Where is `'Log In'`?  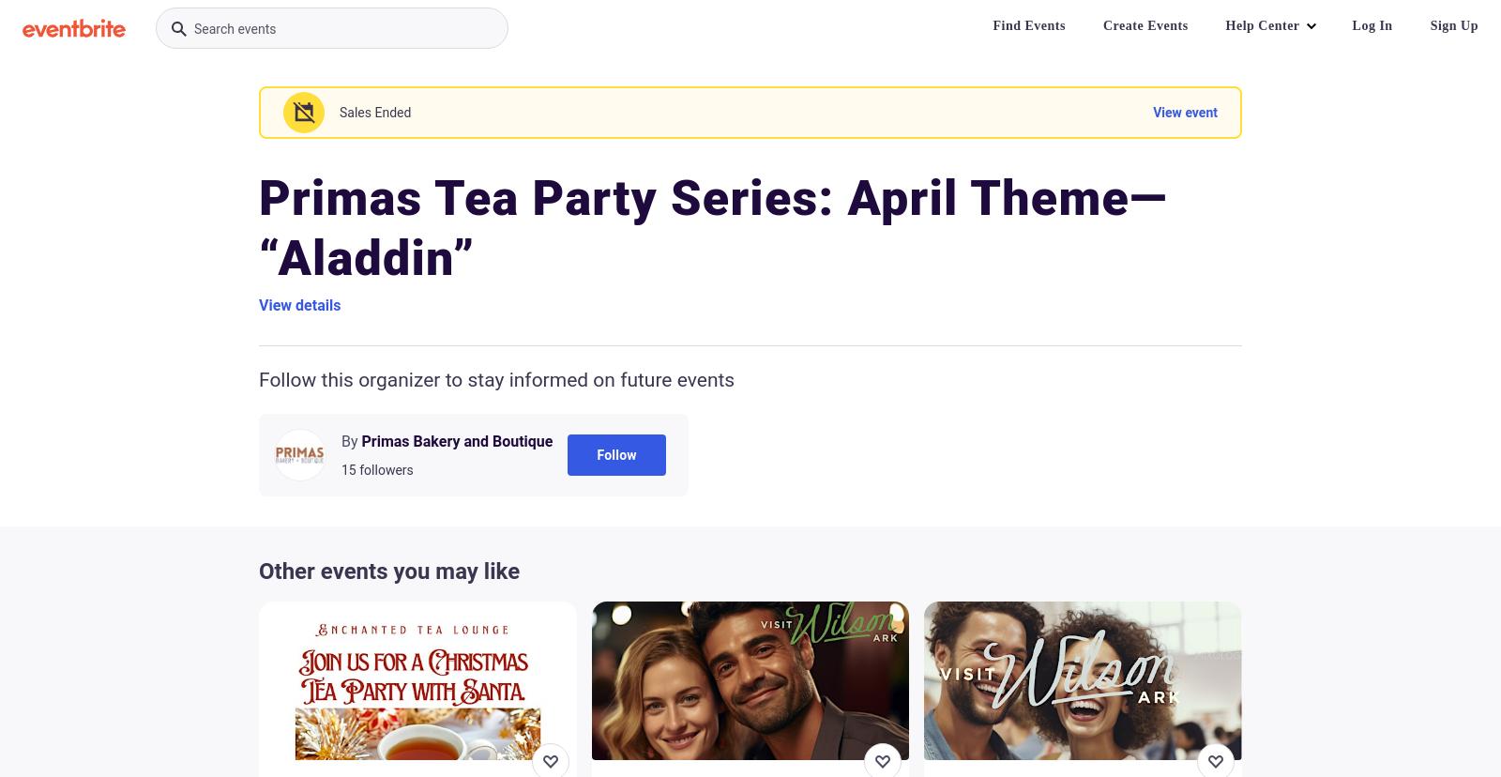
'Log In' is located at coordinates (1372, 25).